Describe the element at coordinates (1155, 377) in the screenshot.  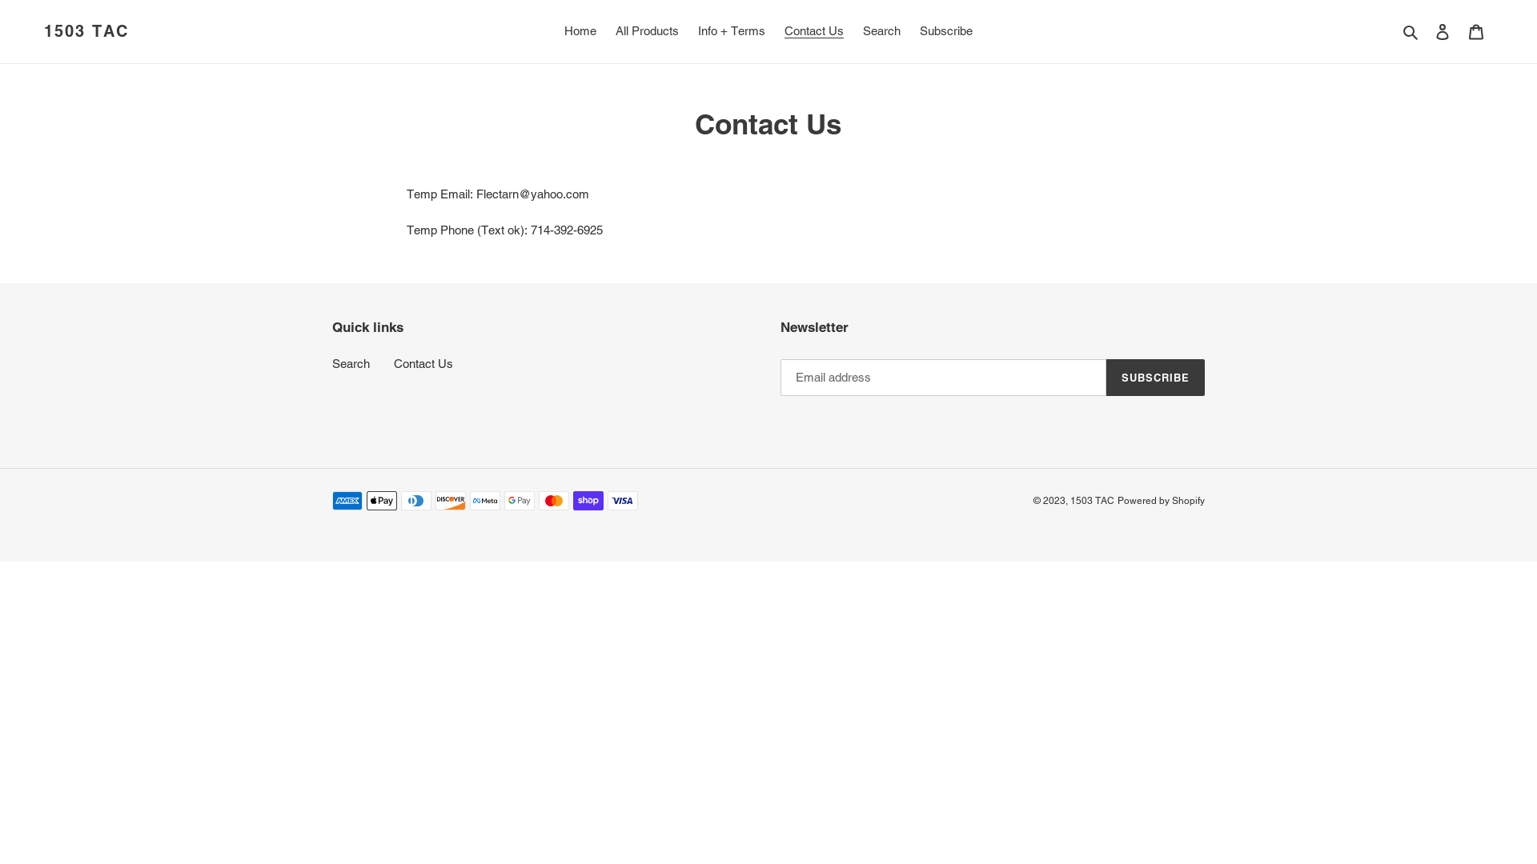
I see `'SUBSCRIBE'` at that location.